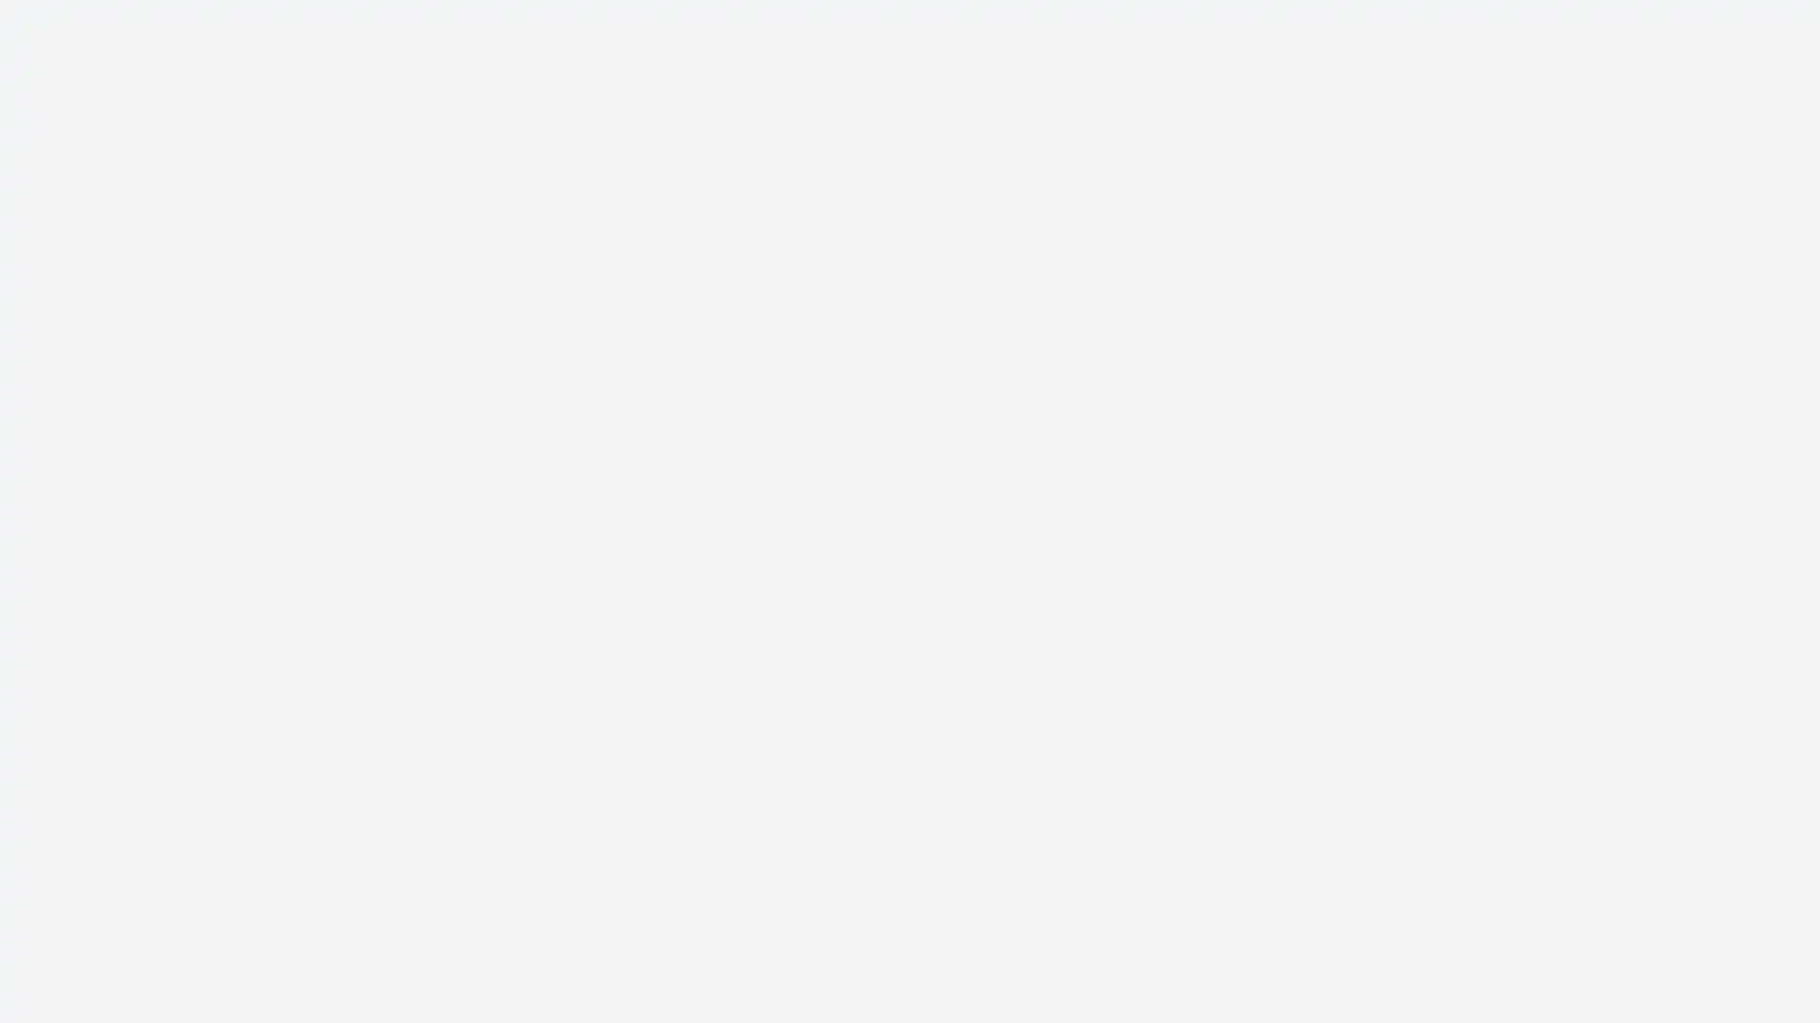 Image resolution: width=1820 pixels, height=1023 pixels. Describe the element at coordinates (1020, 189) in the screenshot. I see `Google` at that location.